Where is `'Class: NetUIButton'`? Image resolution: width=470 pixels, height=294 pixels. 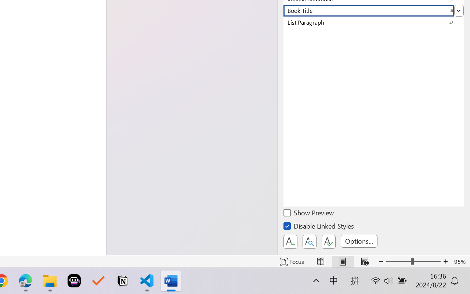 'Class: NetUIButton' is located at coordinates (328, 241).